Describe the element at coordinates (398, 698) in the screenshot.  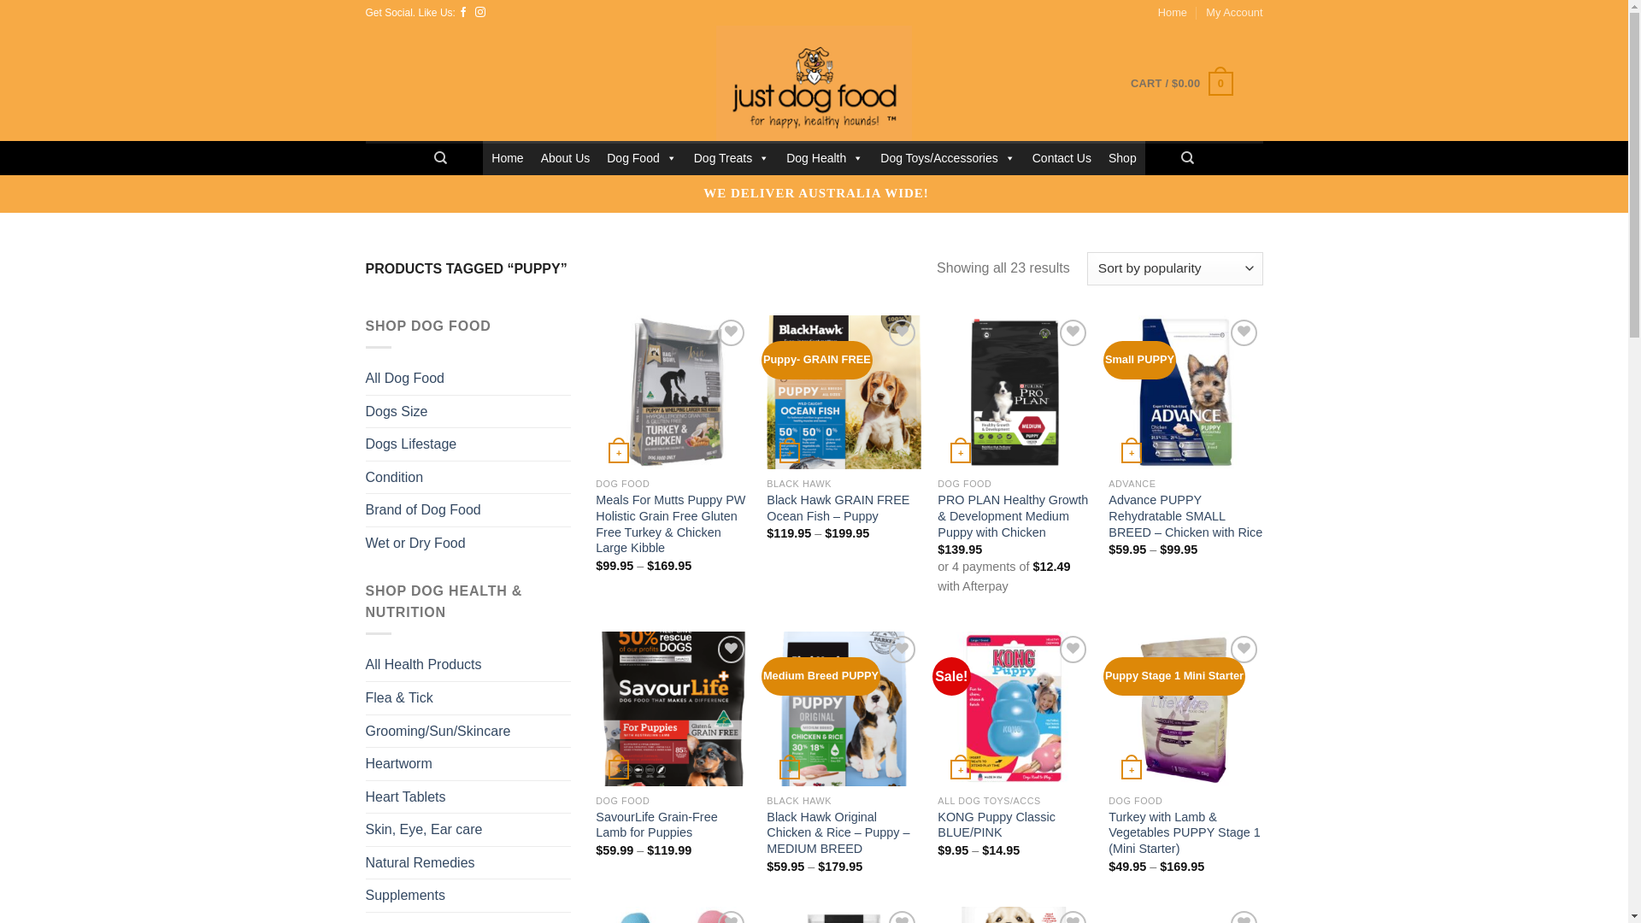
I see `'Flea & Tick'` at that location.